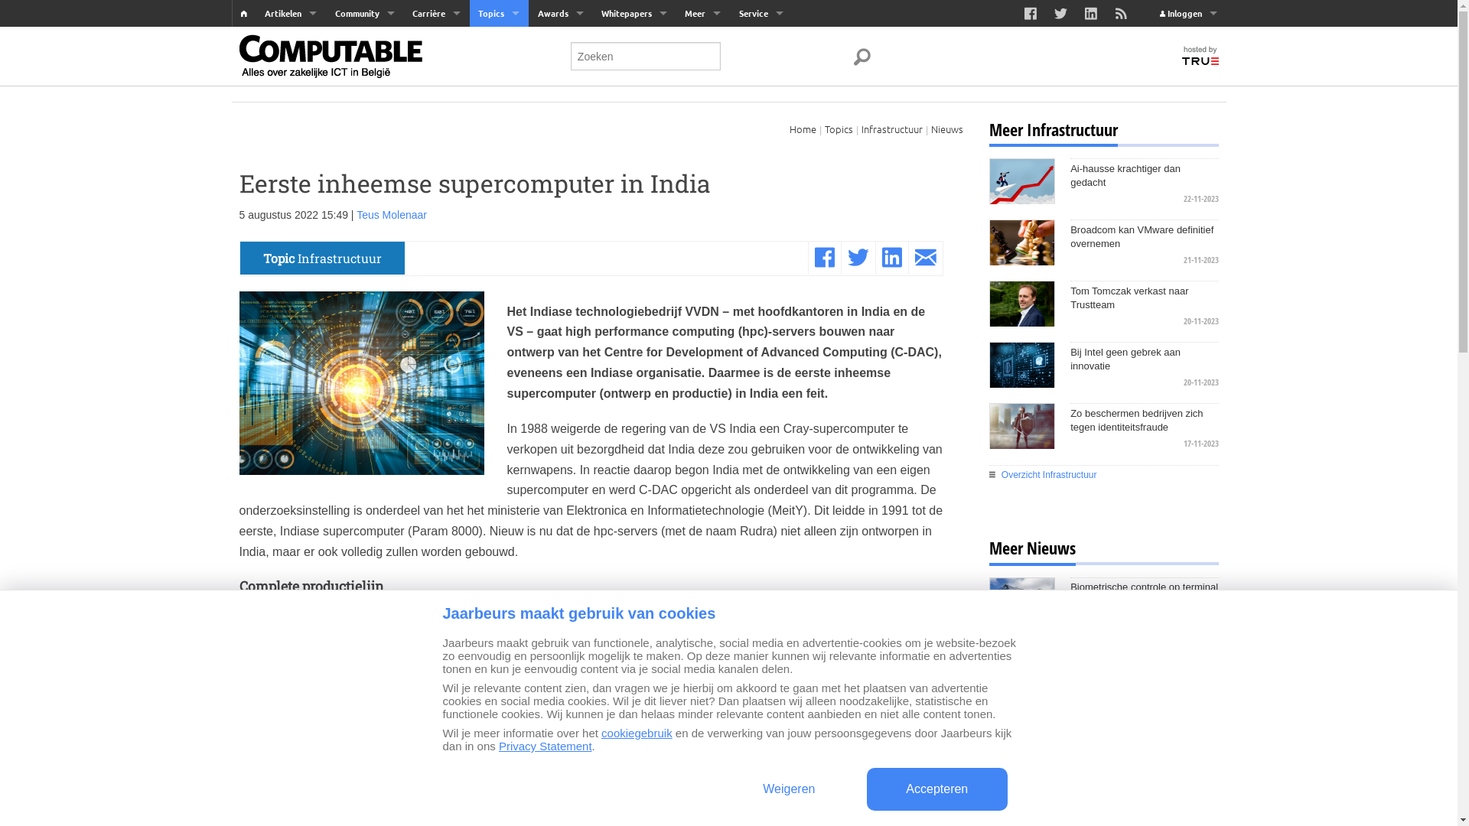 The width and height of the screenshot is (1469, 826). Describe the element at coordinates (634, 13) in the screenshot. I see `'Whitepapers'` at that location.